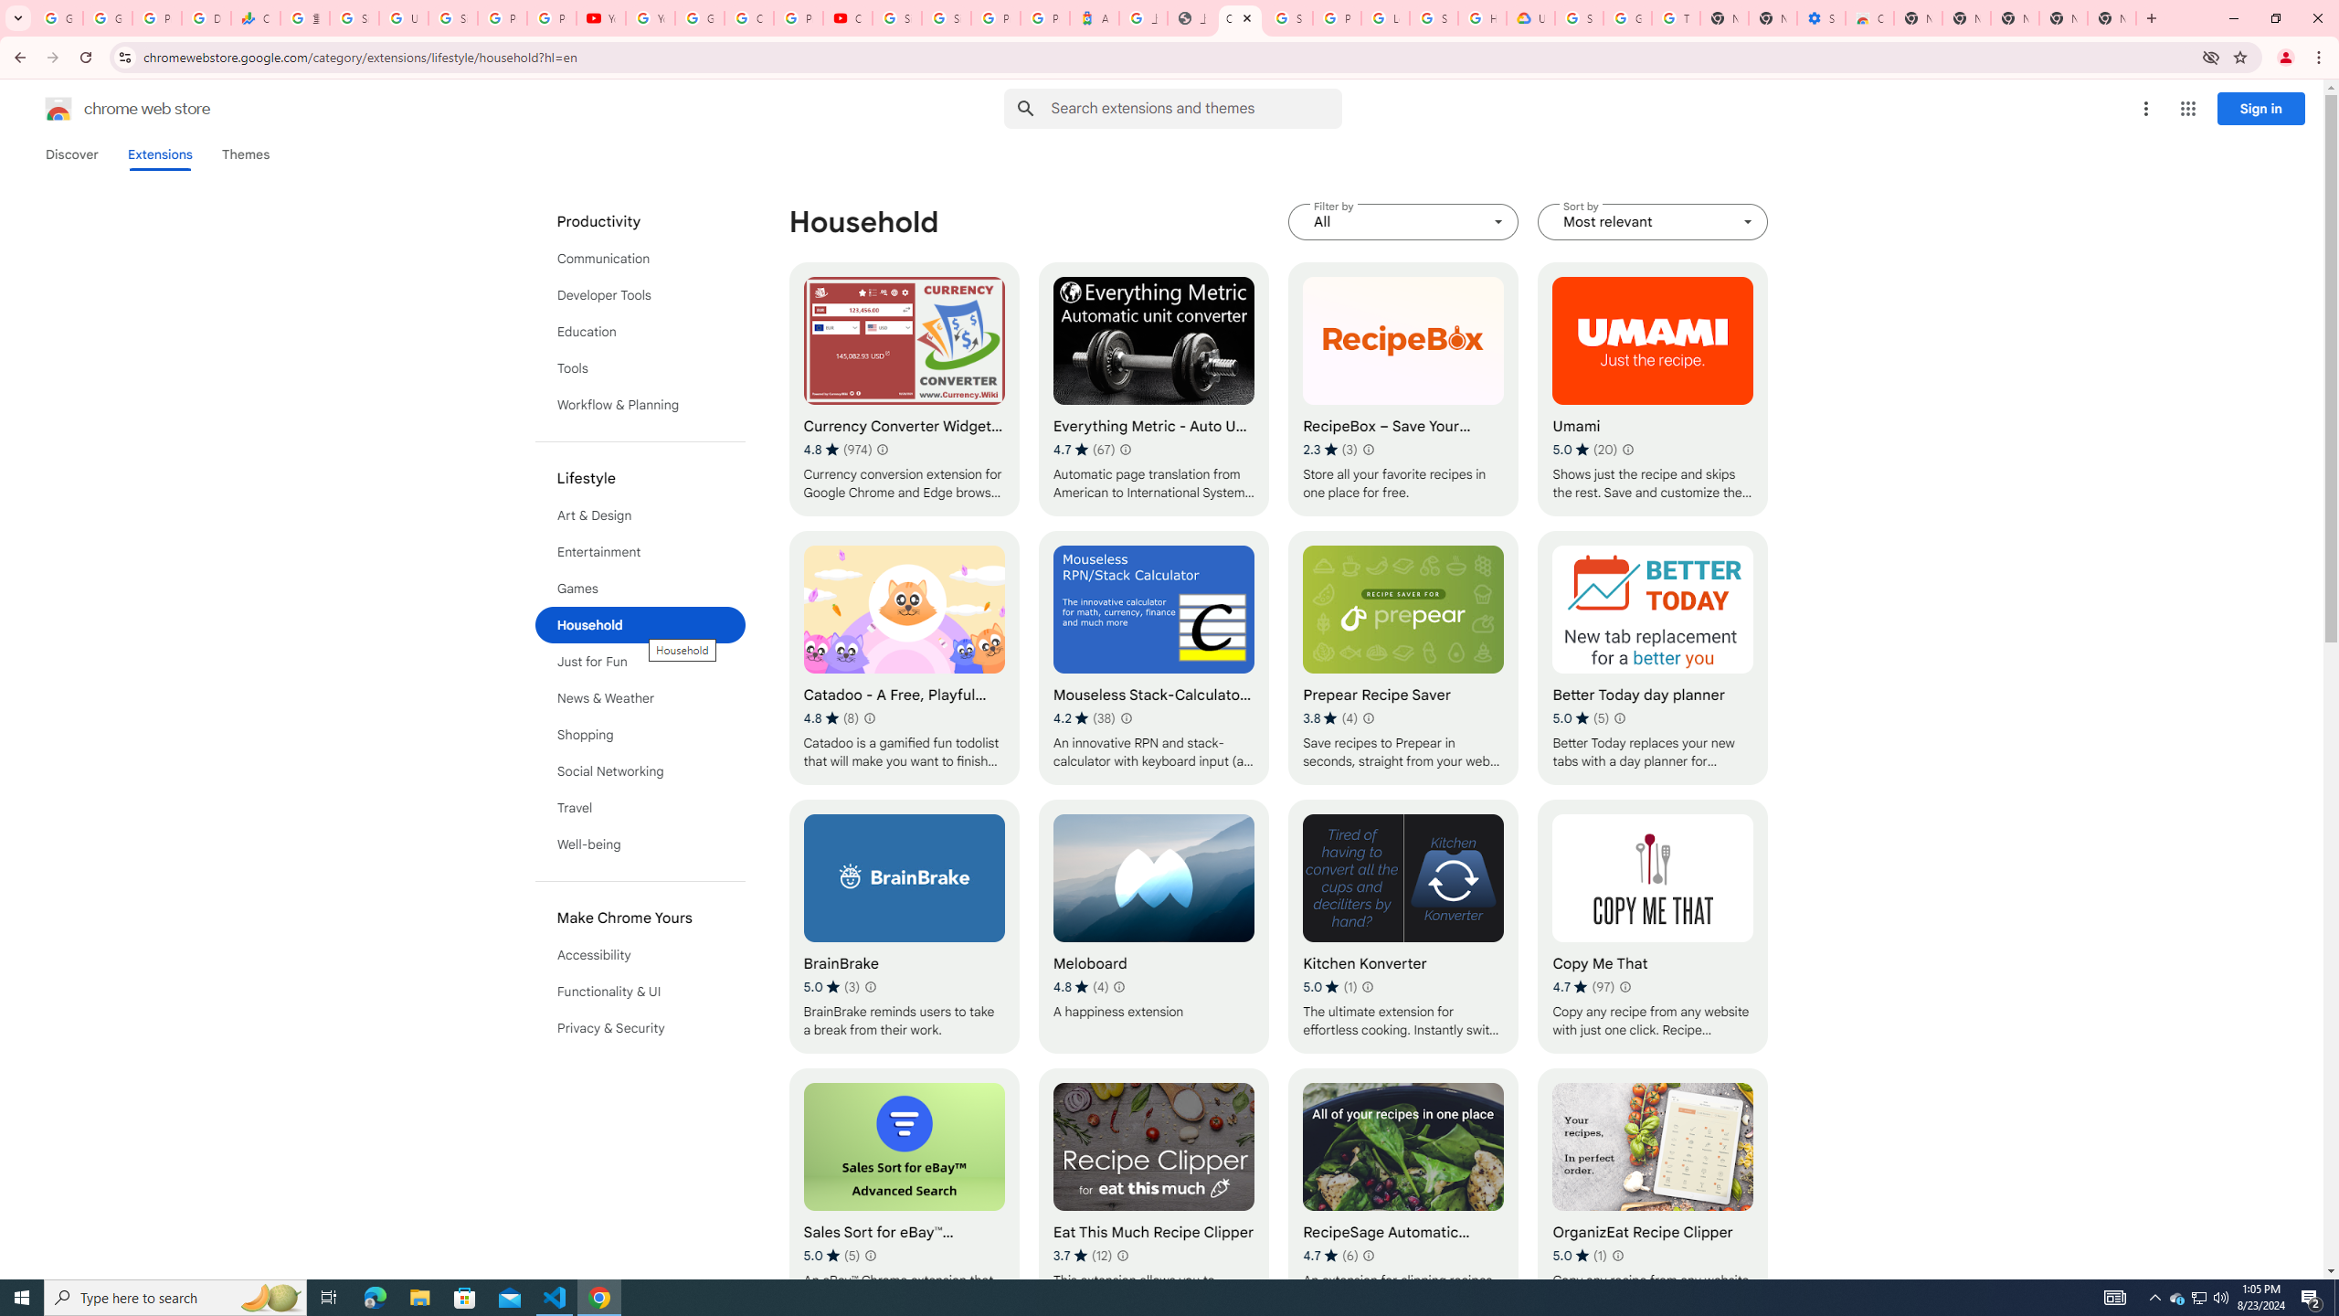  I want to click on 'Functionality & UI', so click(640, 991).